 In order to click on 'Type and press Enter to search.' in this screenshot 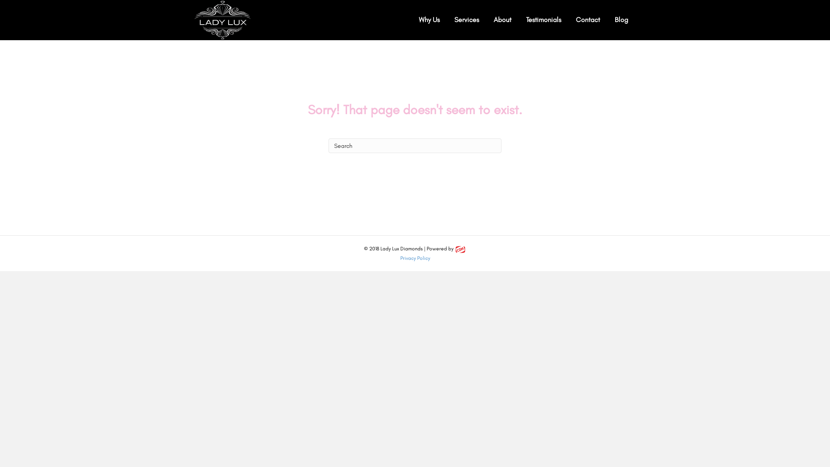, I will do `click(415, 145)`.